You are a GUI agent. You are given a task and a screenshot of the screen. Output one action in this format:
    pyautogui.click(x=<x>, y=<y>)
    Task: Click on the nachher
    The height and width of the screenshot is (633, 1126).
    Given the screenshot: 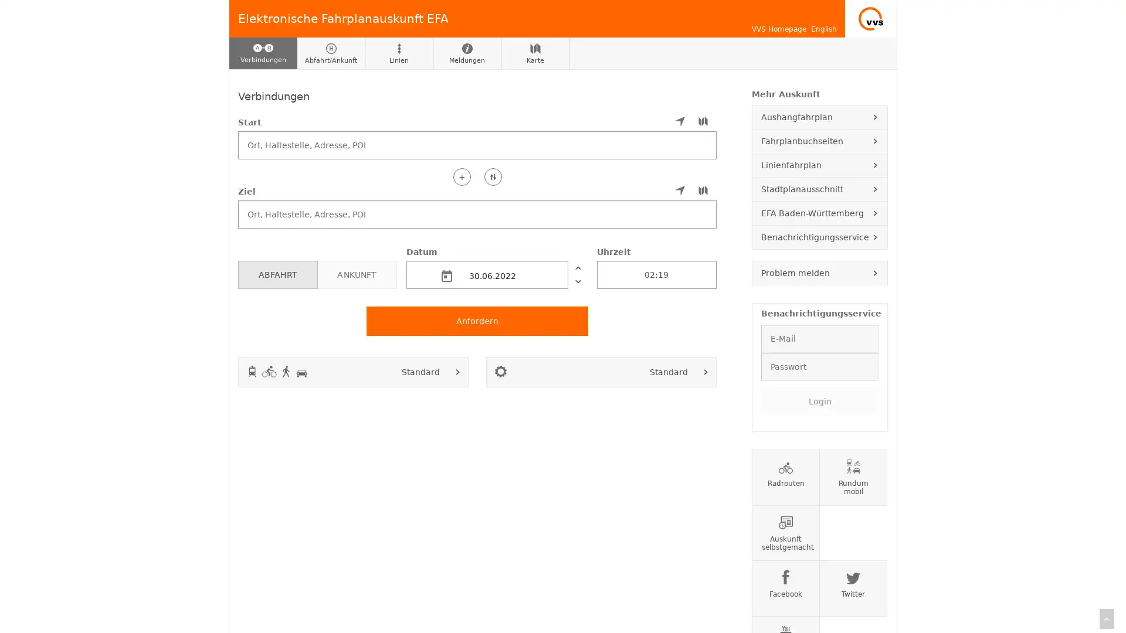 What is the action you would take?
    pyautogui.click(x=577, y=281)
    